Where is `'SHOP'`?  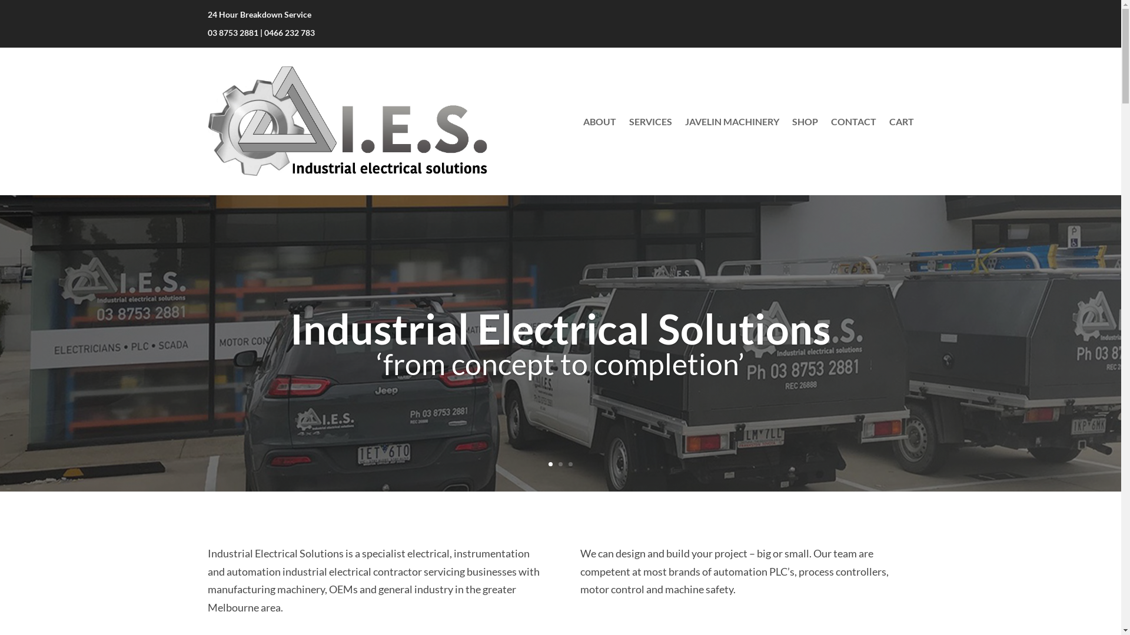 'SHOP' is located at coordinates (805, 121).